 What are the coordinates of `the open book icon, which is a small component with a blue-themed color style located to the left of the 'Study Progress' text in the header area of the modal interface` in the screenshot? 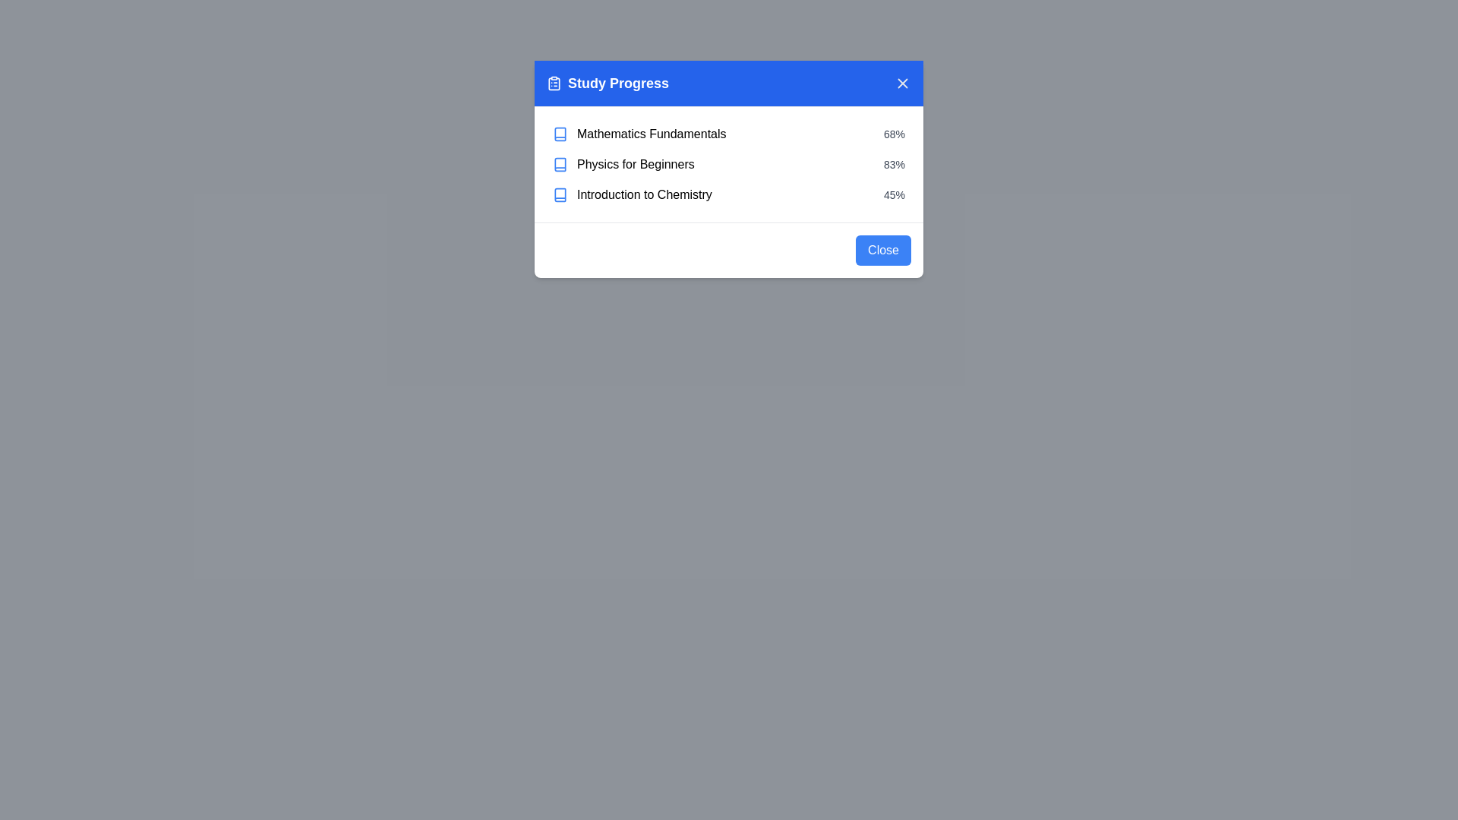 It's located at (560, 194).